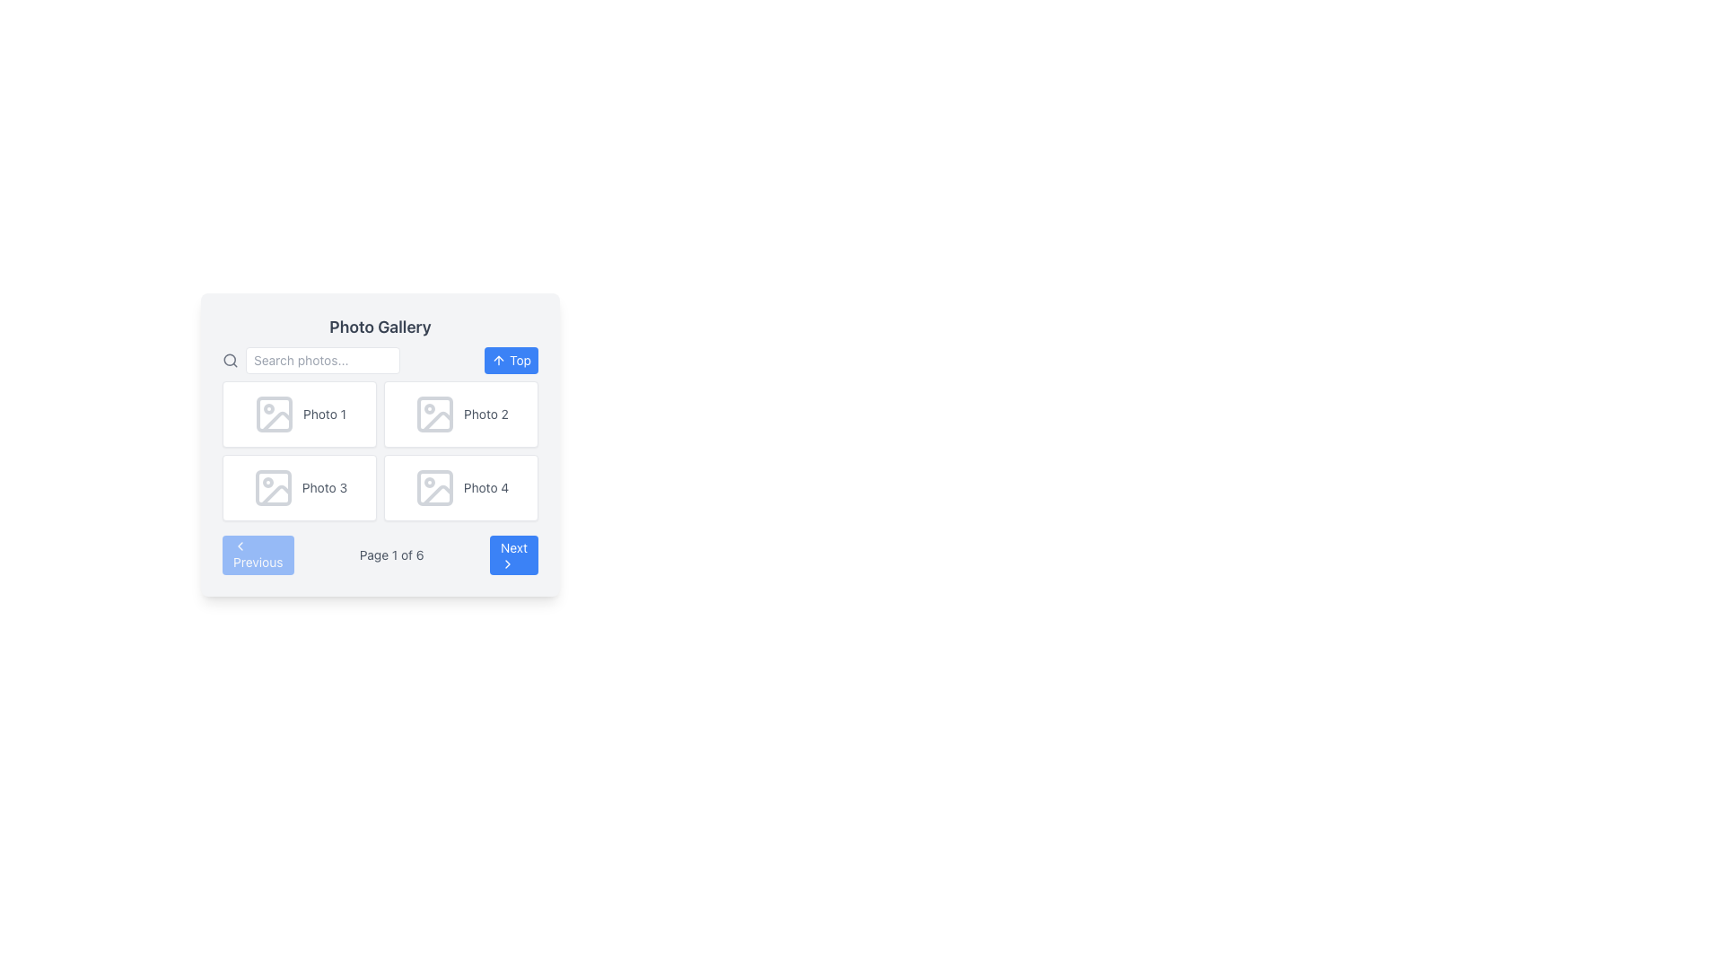 The height and width of the screenshot is (969, 1723). I want to click on the second photo card in the top-right corner of the photo gallery, so click(460, 415).